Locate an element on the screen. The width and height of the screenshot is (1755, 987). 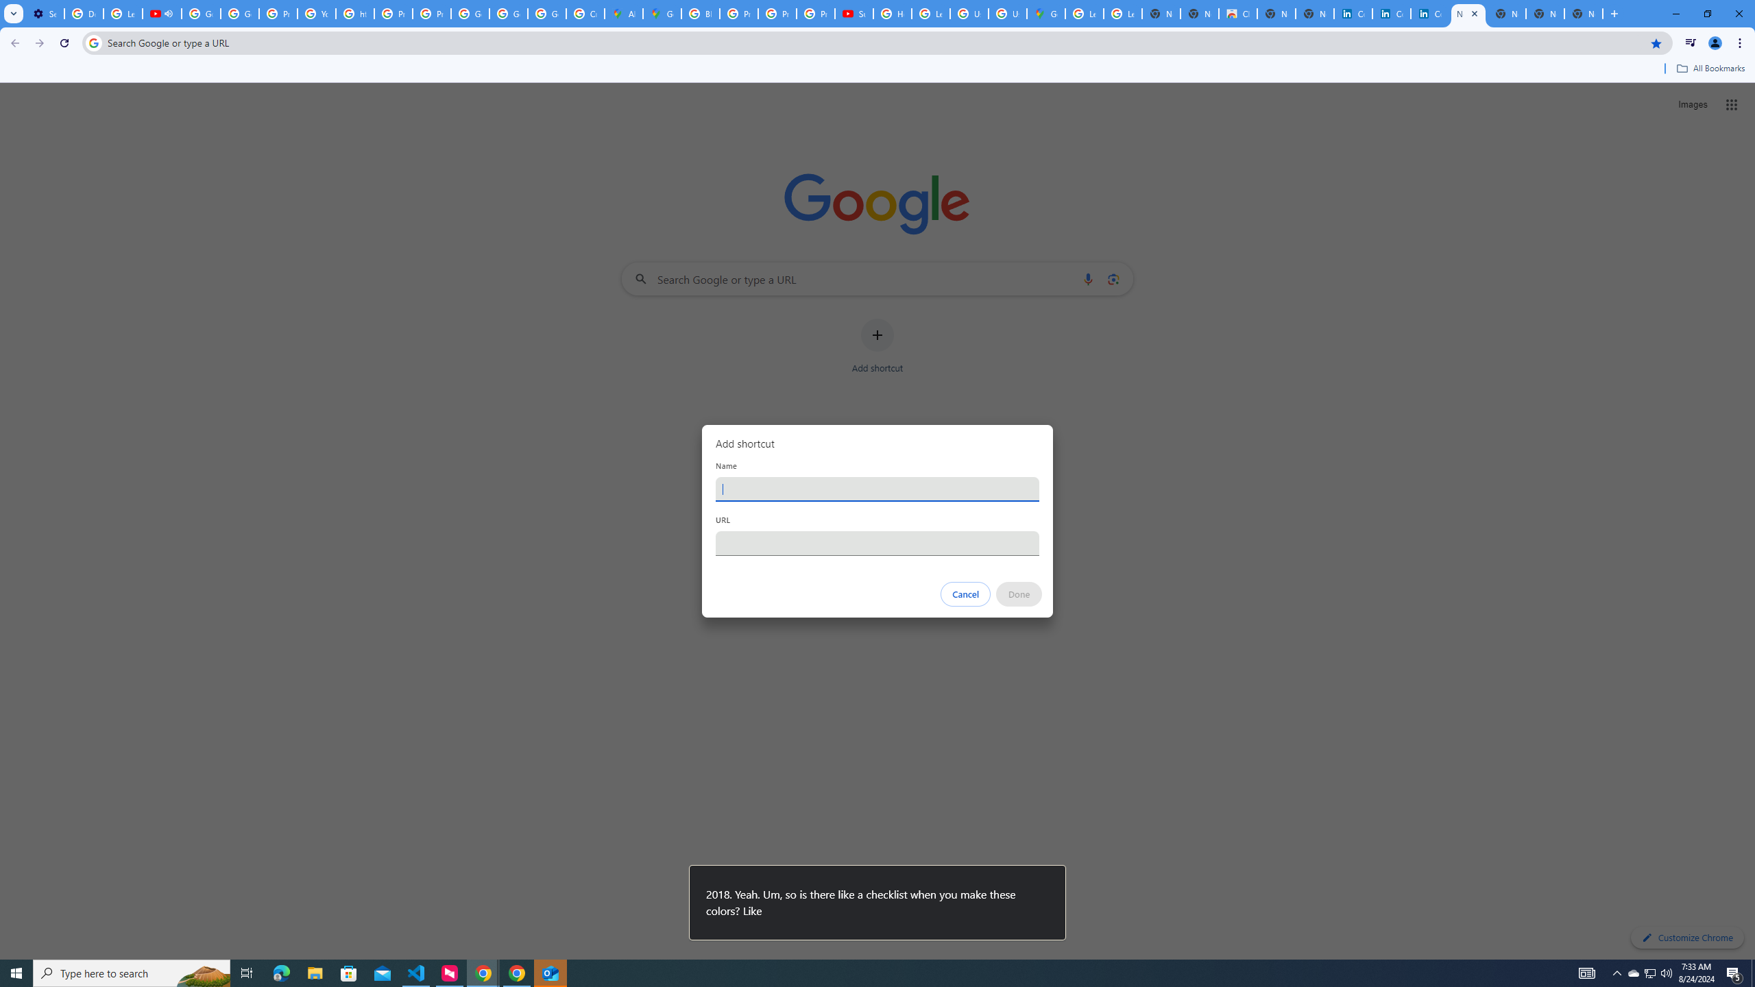
'Blogger Policies and Guidelines - Transparency Center' is located at coordinates (701, 13).